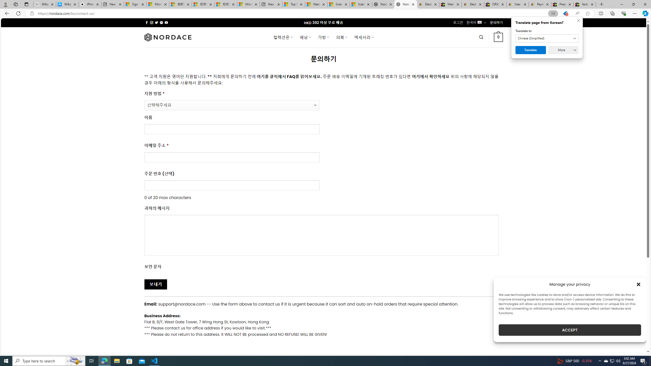 Image resolution: width=651 pixels, height=366 pixels. I want to click on 'Class: cmplz-close', so click(639, 284).